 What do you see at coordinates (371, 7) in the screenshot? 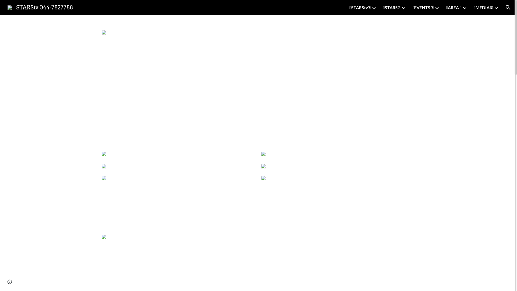
I see `'Expand/Collapse'` at bounding box center [371, 7].